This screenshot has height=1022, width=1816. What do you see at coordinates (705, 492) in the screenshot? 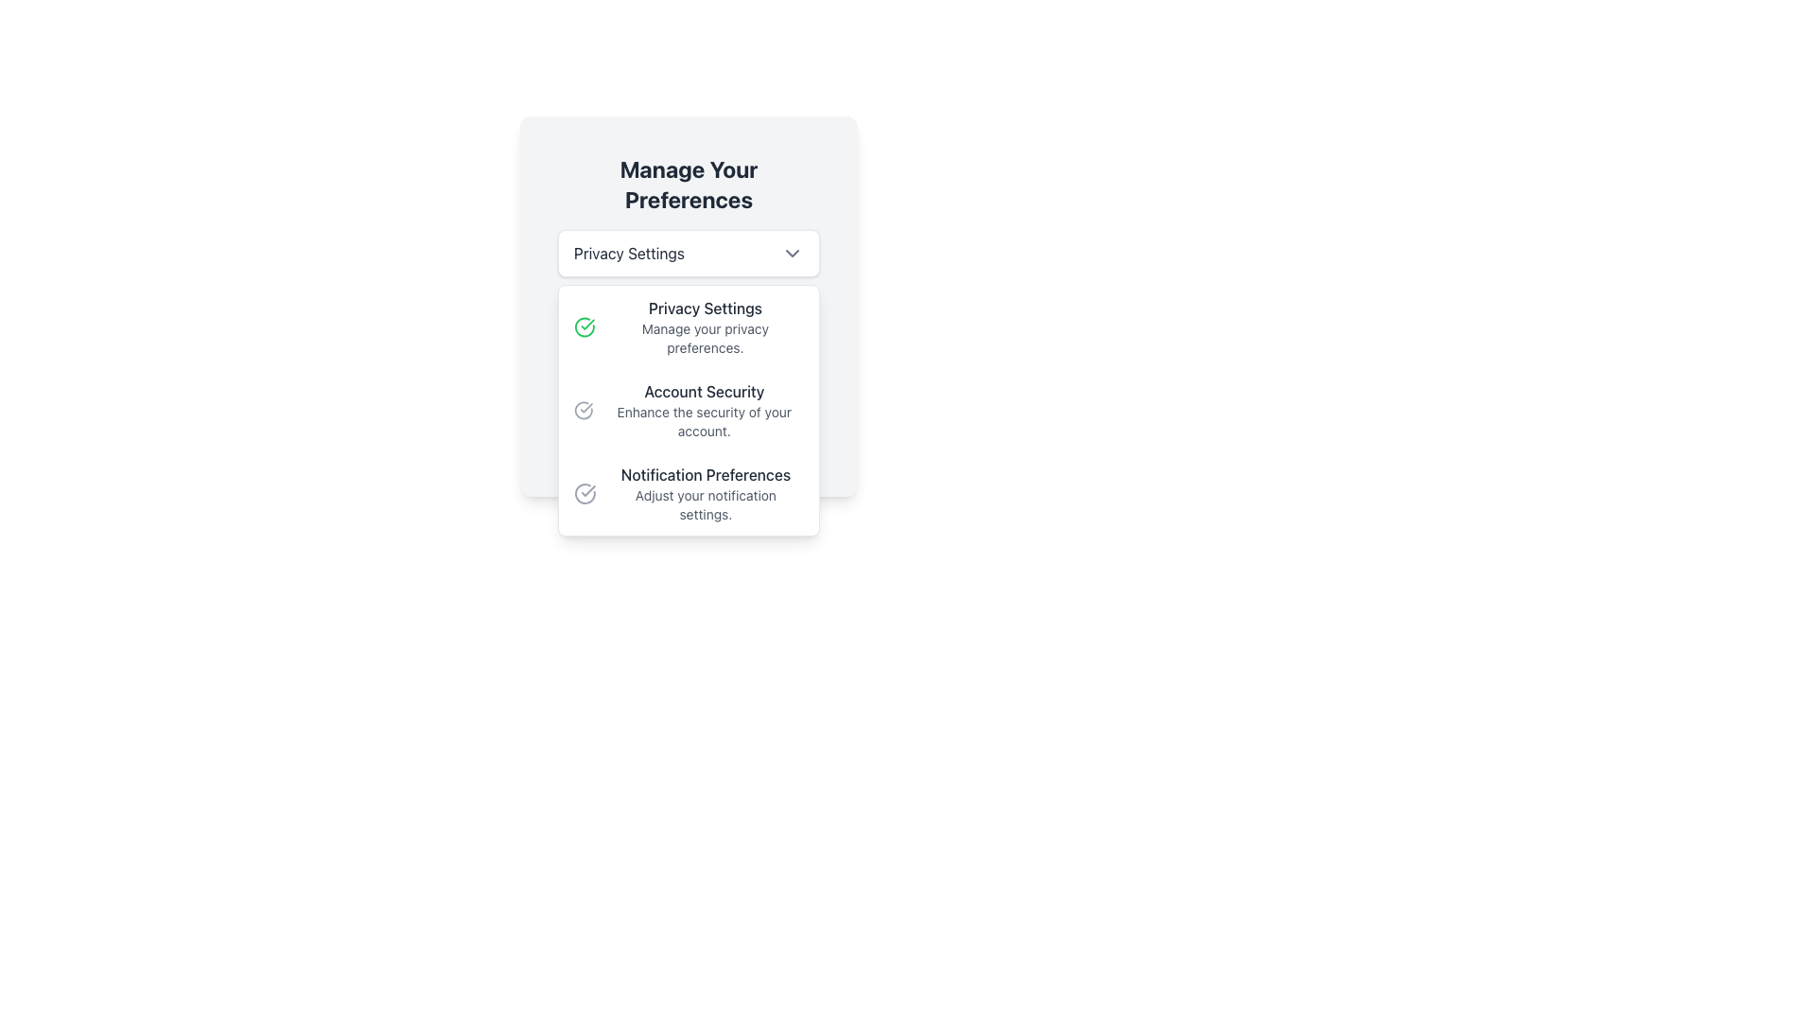
I see `text content of the label for the notification preferences section, which is the third item in the vertical list within the dropdown card` at bounding box center [705, 492].